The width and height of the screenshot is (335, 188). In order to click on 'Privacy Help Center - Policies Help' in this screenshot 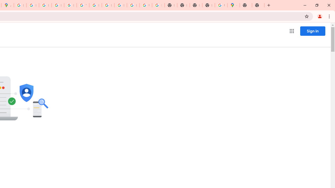, I will do `click(45, 5)`.